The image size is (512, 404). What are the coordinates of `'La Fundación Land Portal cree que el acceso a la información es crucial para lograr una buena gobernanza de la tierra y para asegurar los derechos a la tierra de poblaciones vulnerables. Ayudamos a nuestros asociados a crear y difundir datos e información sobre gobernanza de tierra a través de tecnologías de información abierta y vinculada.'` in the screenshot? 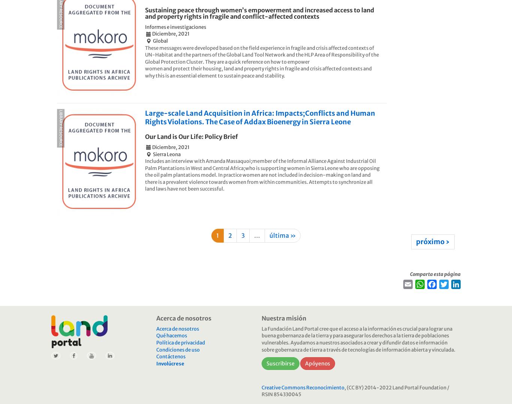 It's located at (358, 338).